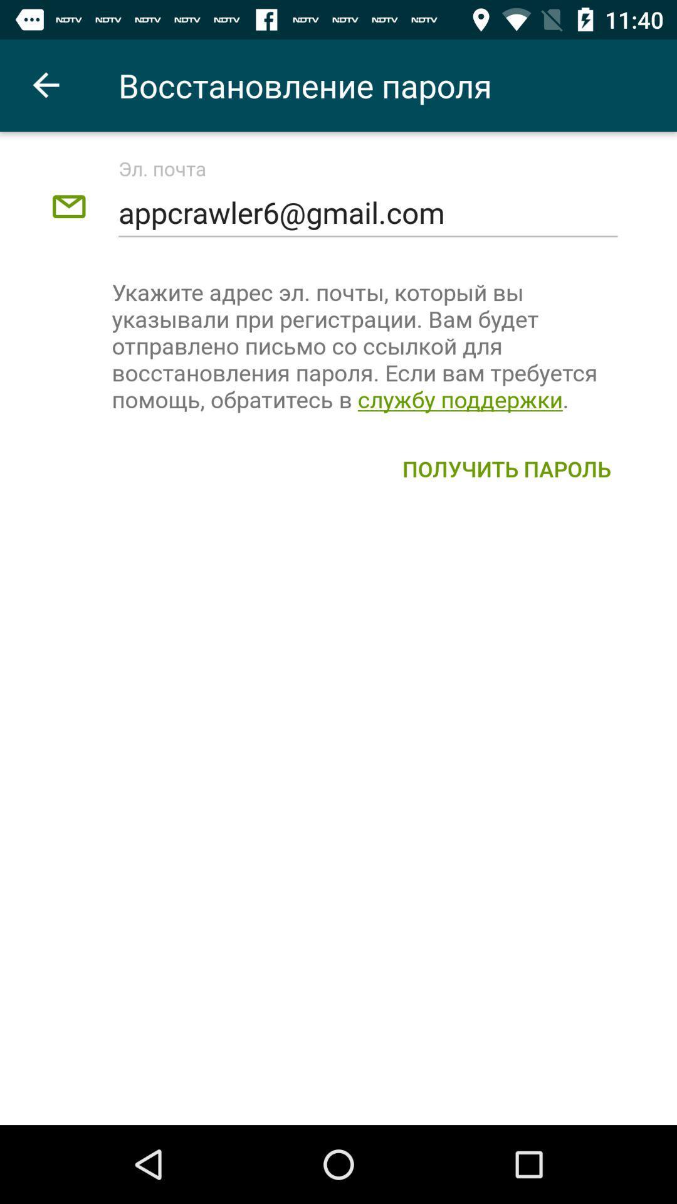 This screenshot has height=1204, width=677. I want to click on appcrawler6@gmail.com icon, so click(367, 213).